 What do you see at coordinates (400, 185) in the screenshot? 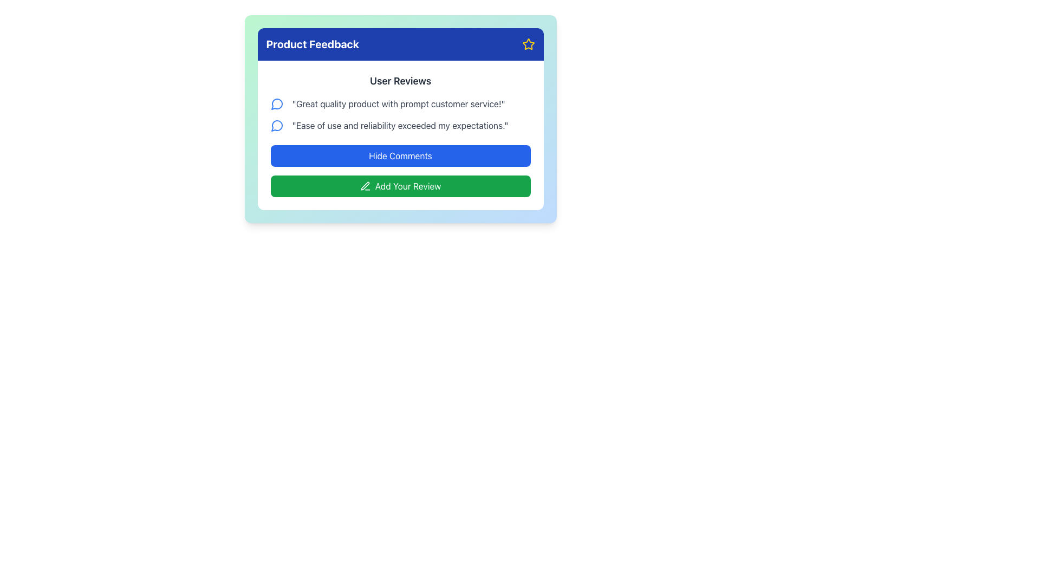
I see `the green button labeled 'Add Your Review' located at the bottom of the reviews card to initiate the review addition process` at bounding box center [400, 185].